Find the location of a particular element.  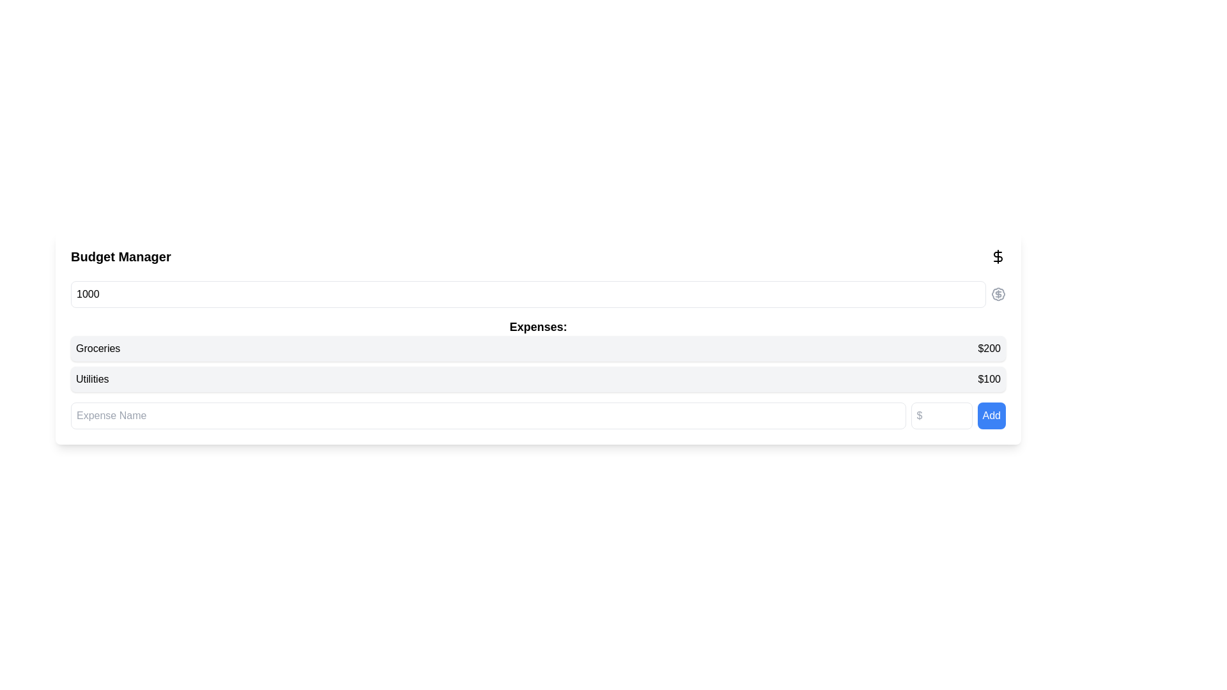

the 'Add' button is located at coordinates (991, 416).